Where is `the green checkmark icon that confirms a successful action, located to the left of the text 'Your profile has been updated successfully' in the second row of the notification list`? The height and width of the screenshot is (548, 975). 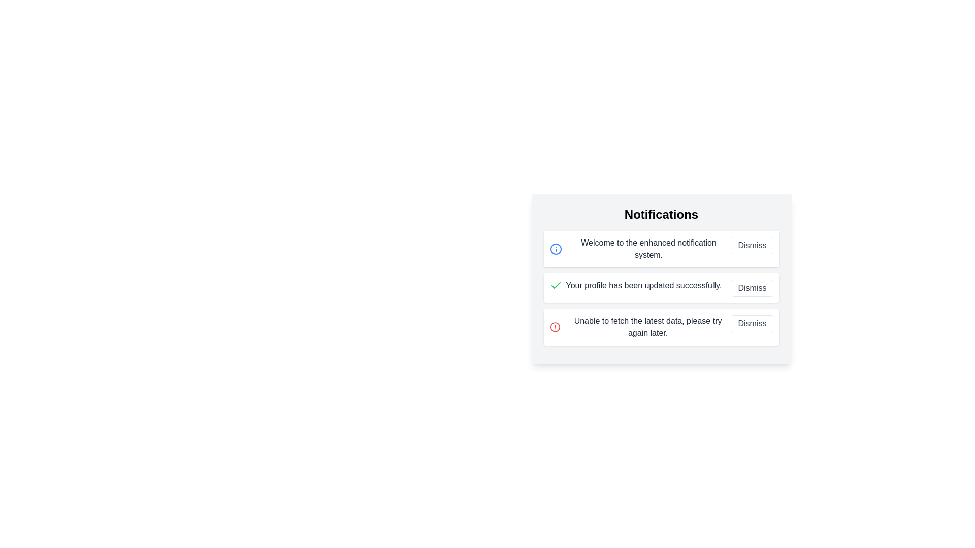 the green checkmark icon that confirms a successful action, located to the left of the text 'Your profile has been updated successfully' in the second row of the notification list is located at coordinates (555, 286).